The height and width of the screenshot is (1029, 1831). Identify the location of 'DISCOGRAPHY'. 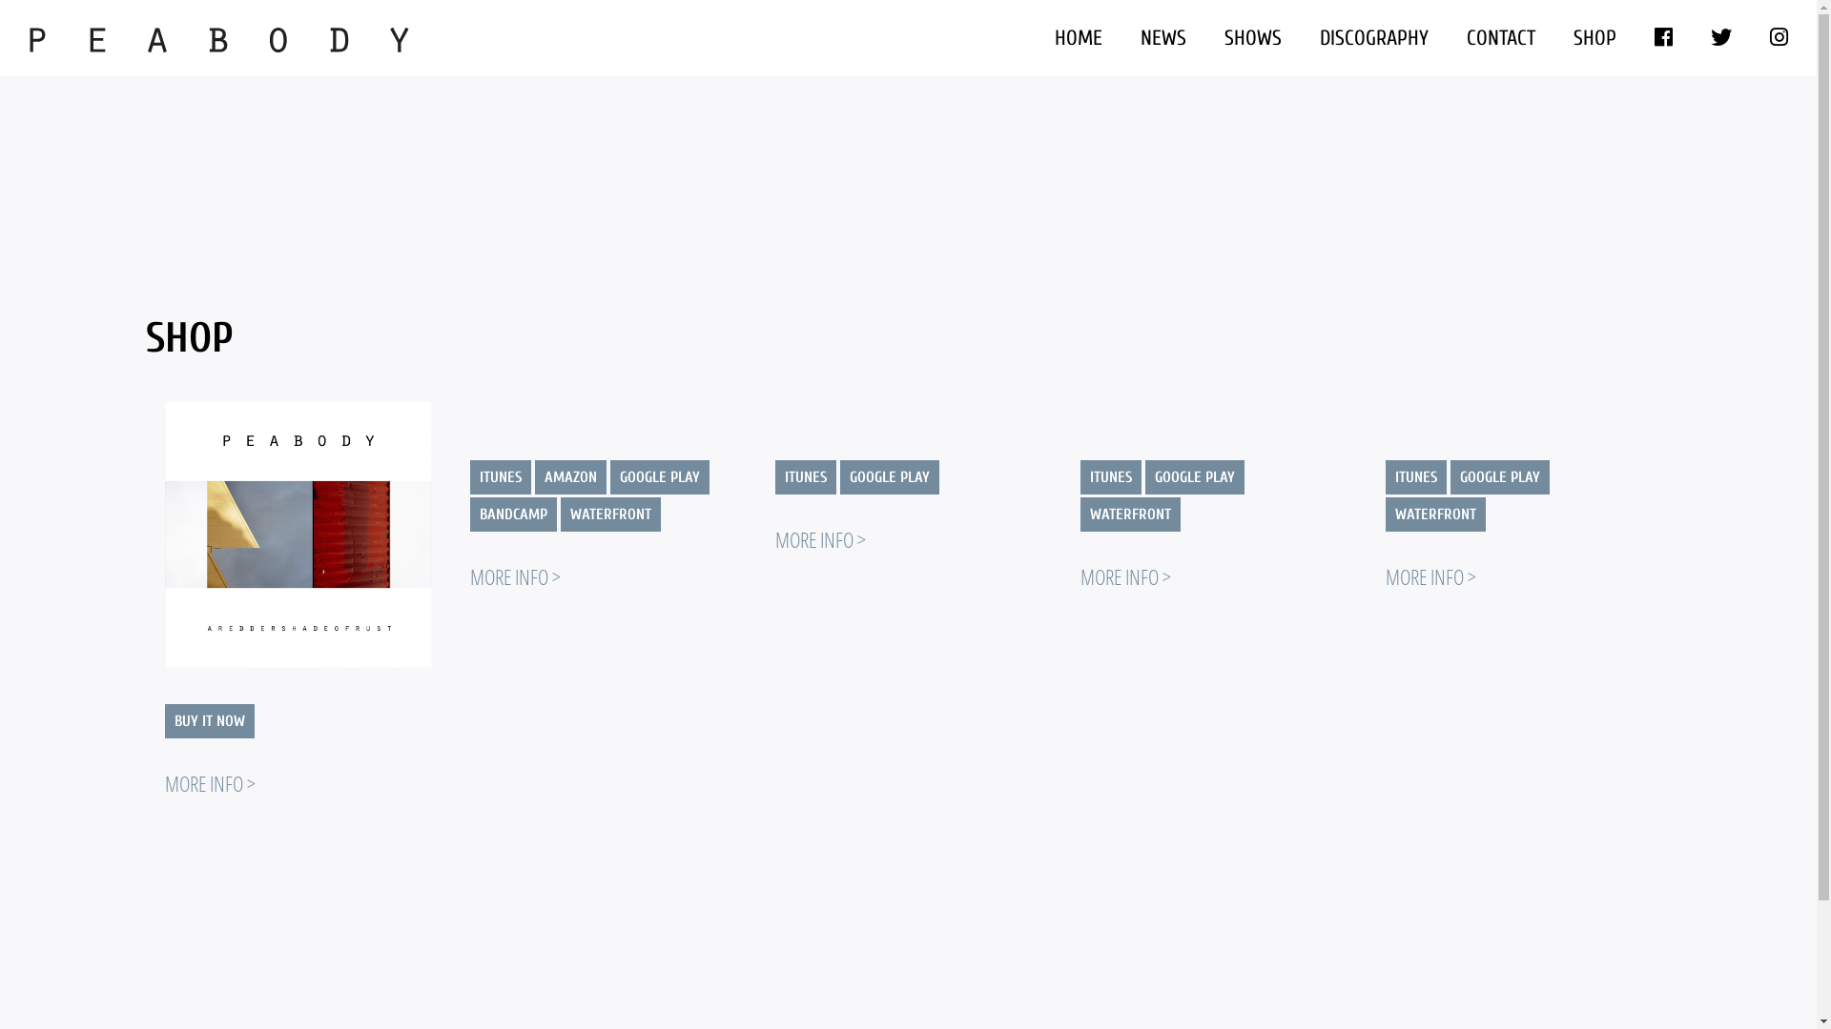
(1373, 37).